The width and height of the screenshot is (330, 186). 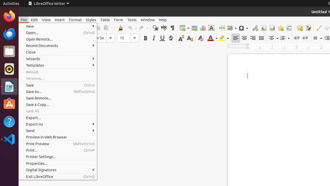 I want to click on 'Font Color', so click(x=212, y=38).